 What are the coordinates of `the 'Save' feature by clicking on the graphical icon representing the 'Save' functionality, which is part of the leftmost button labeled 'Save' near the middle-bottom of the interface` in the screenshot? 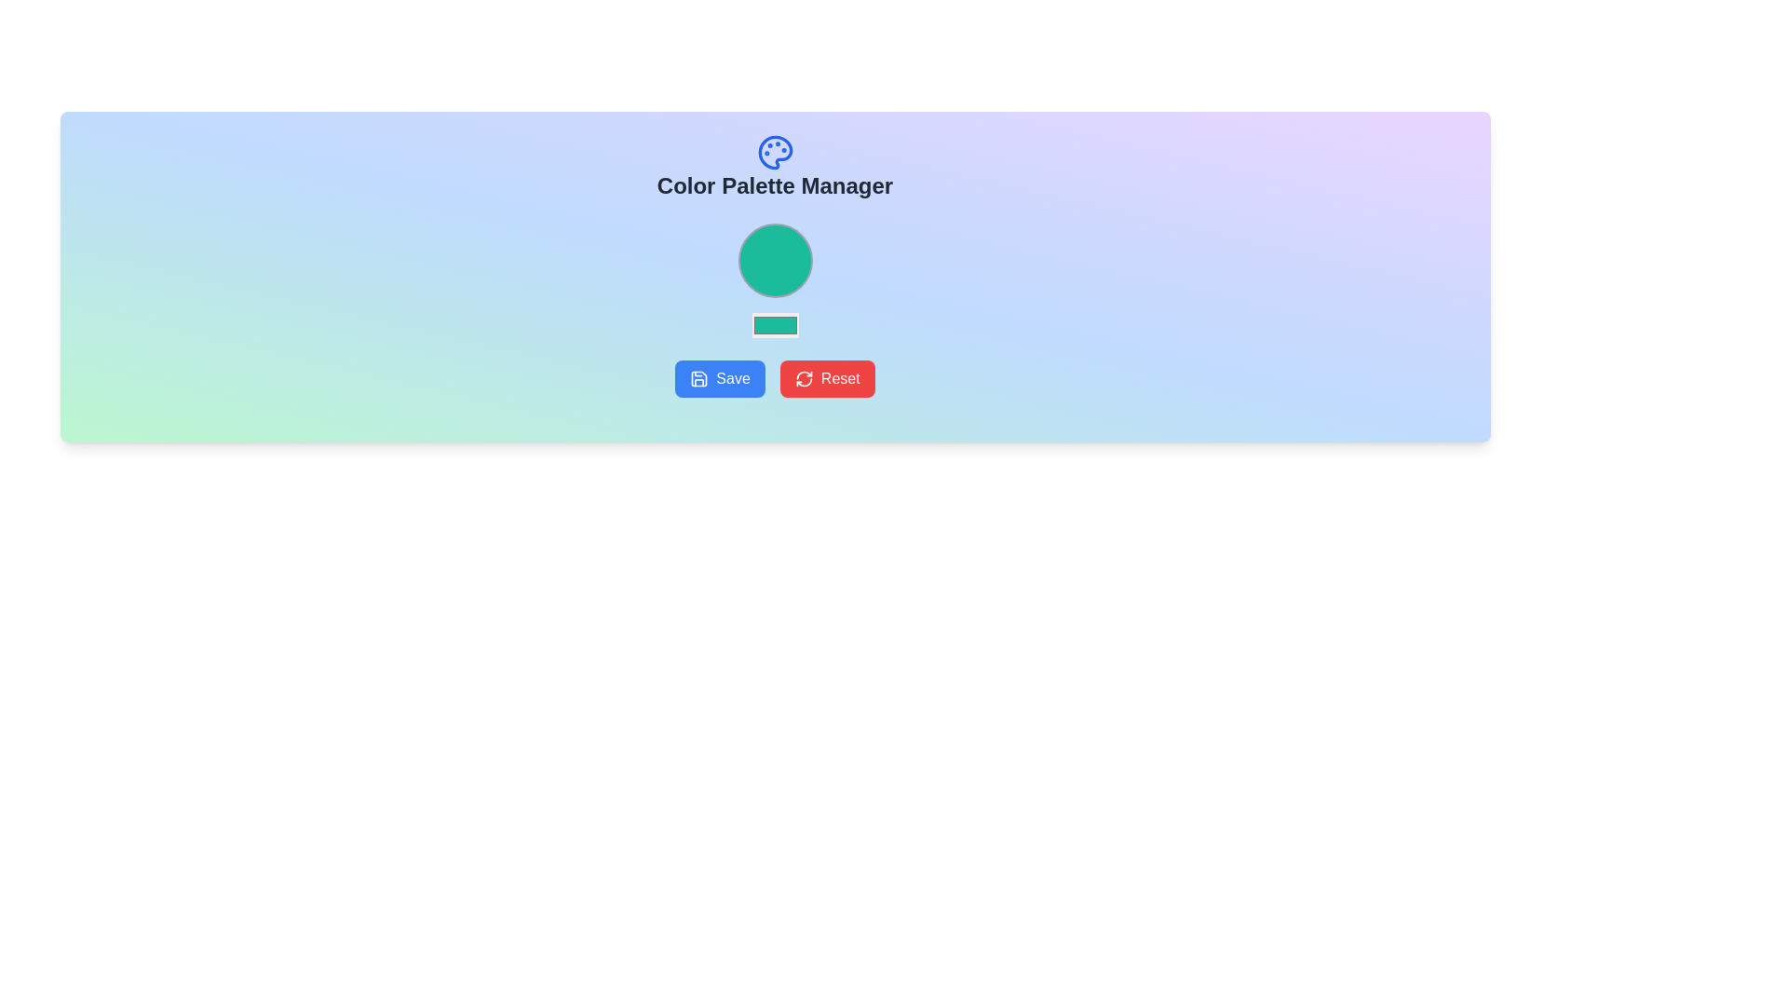 It's located at (698, 378).